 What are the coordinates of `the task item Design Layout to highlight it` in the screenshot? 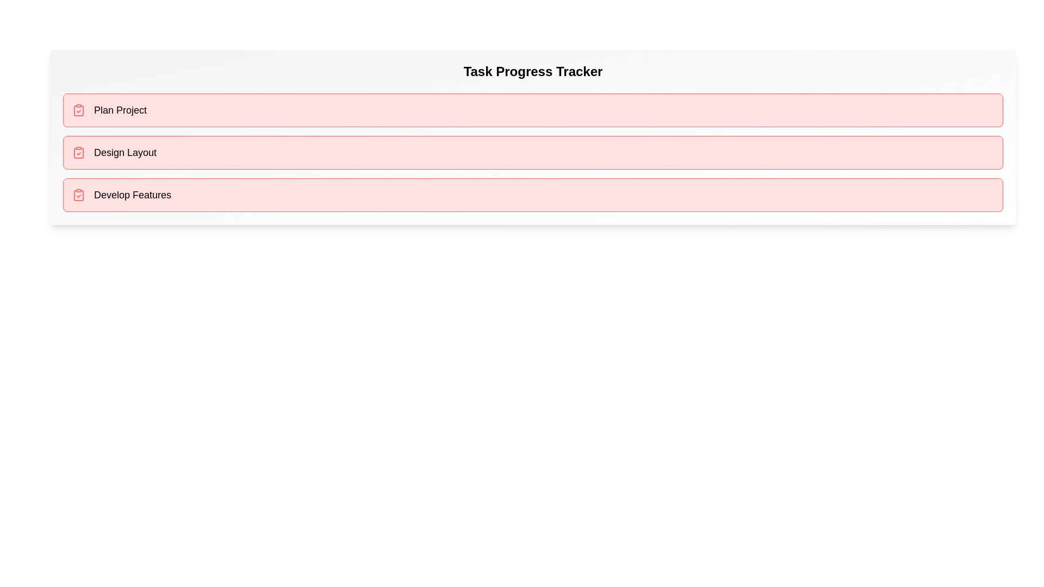 It's located at (533, 153).